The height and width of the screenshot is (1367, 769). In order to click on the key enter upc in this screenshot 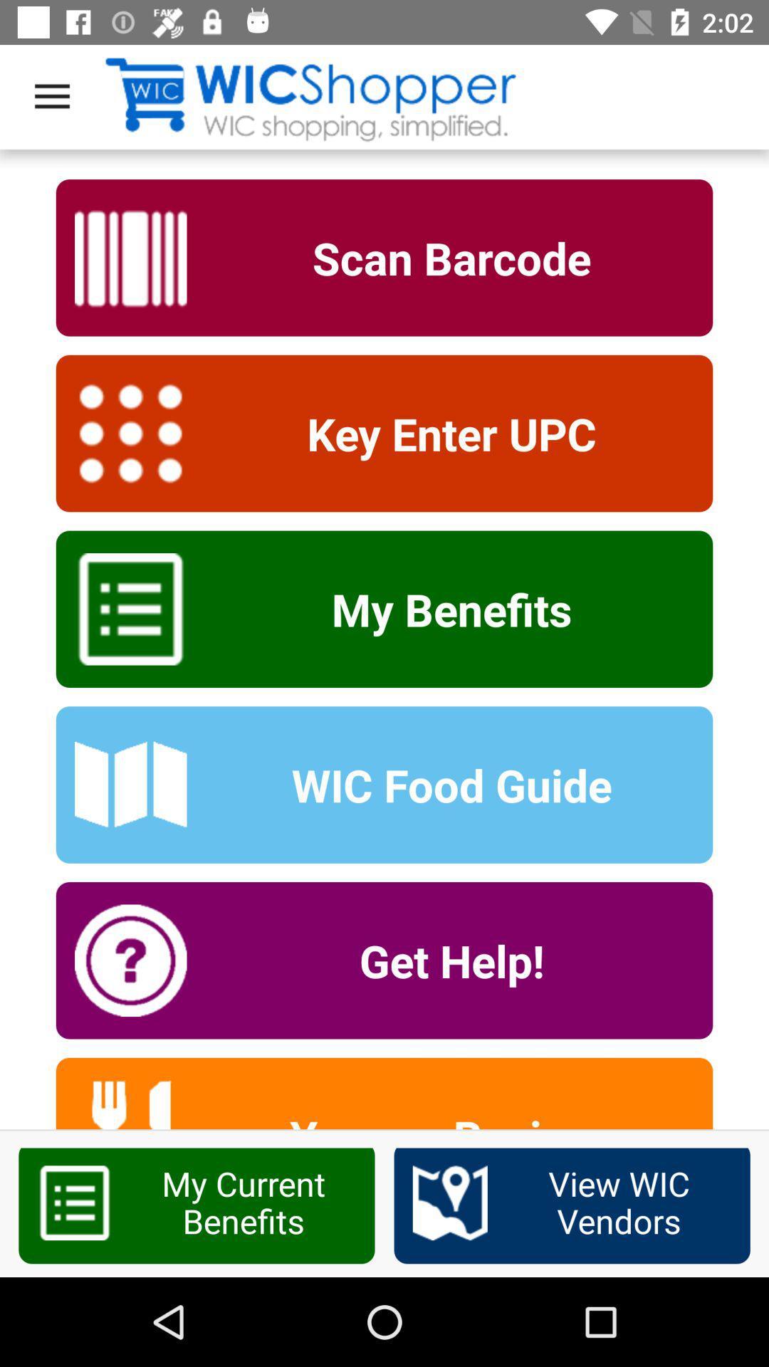, I will do `click(441, 433)`.